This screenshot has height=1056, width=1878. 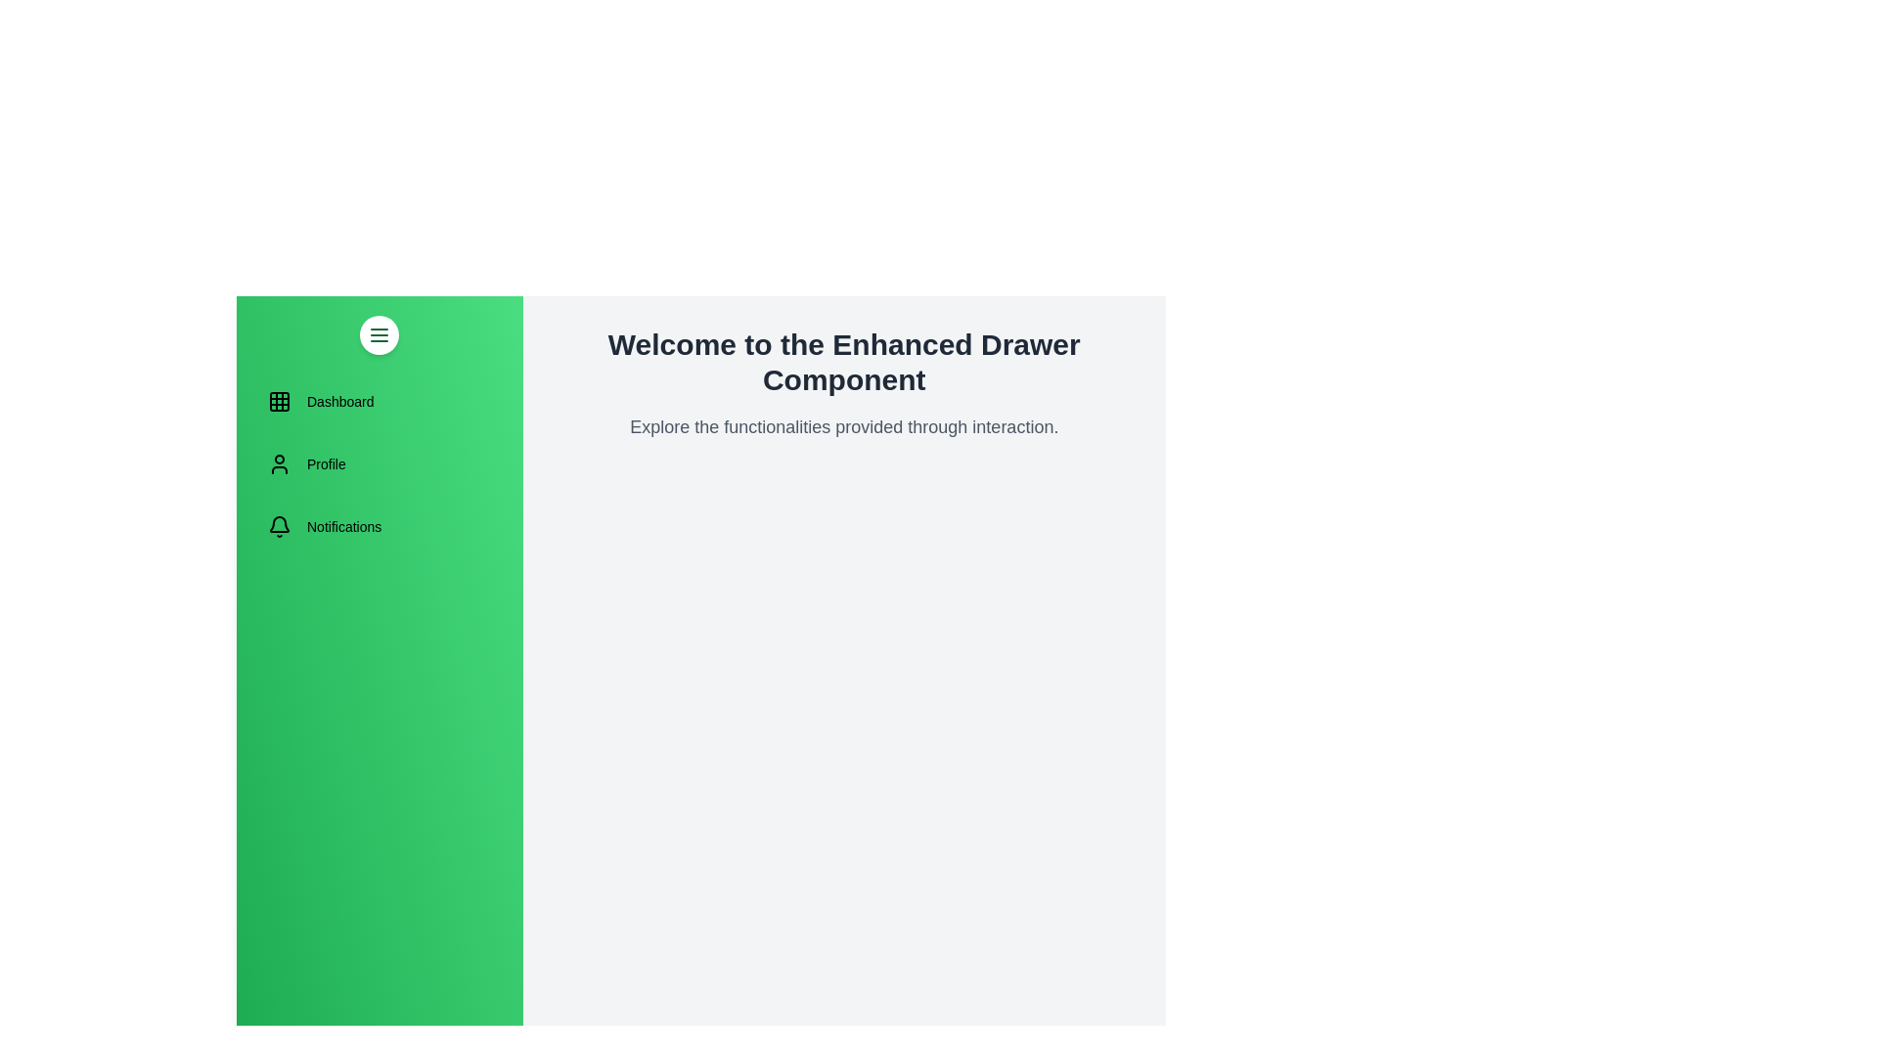 I want to click on the menu item Dashboard to navigate to the corresponding section, so click(x=380, y=401).